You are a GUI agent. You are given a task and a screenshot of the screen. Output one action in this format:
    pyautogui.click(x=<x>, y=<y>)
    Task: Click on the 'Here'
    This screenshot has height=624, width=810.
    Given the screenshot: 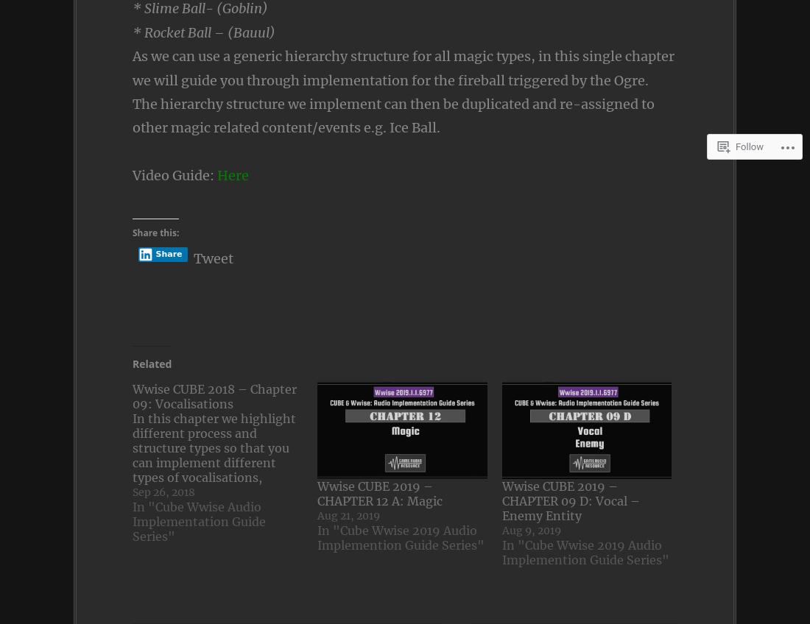 What is the action you would take?
    pyautogui.click(x=232, y=174)
    